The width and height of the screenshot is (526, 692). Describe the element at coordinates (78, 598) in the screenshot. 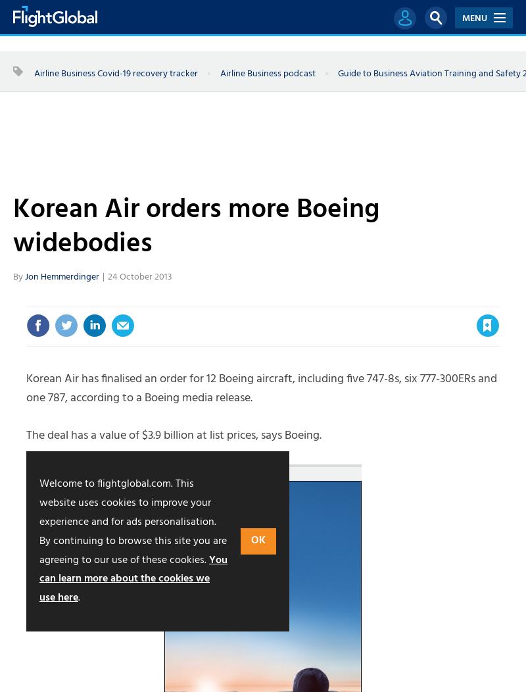

I see `'.'` at that location.